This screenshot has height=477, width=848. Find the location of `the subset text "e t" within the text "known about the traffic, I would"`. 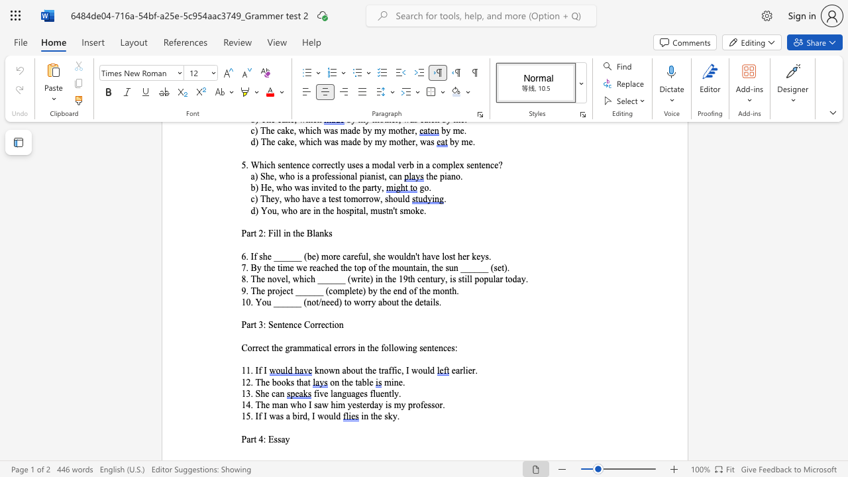

the subset text "e t" within the text "known about the traffic, I would" is located at coordinates (372, 370).